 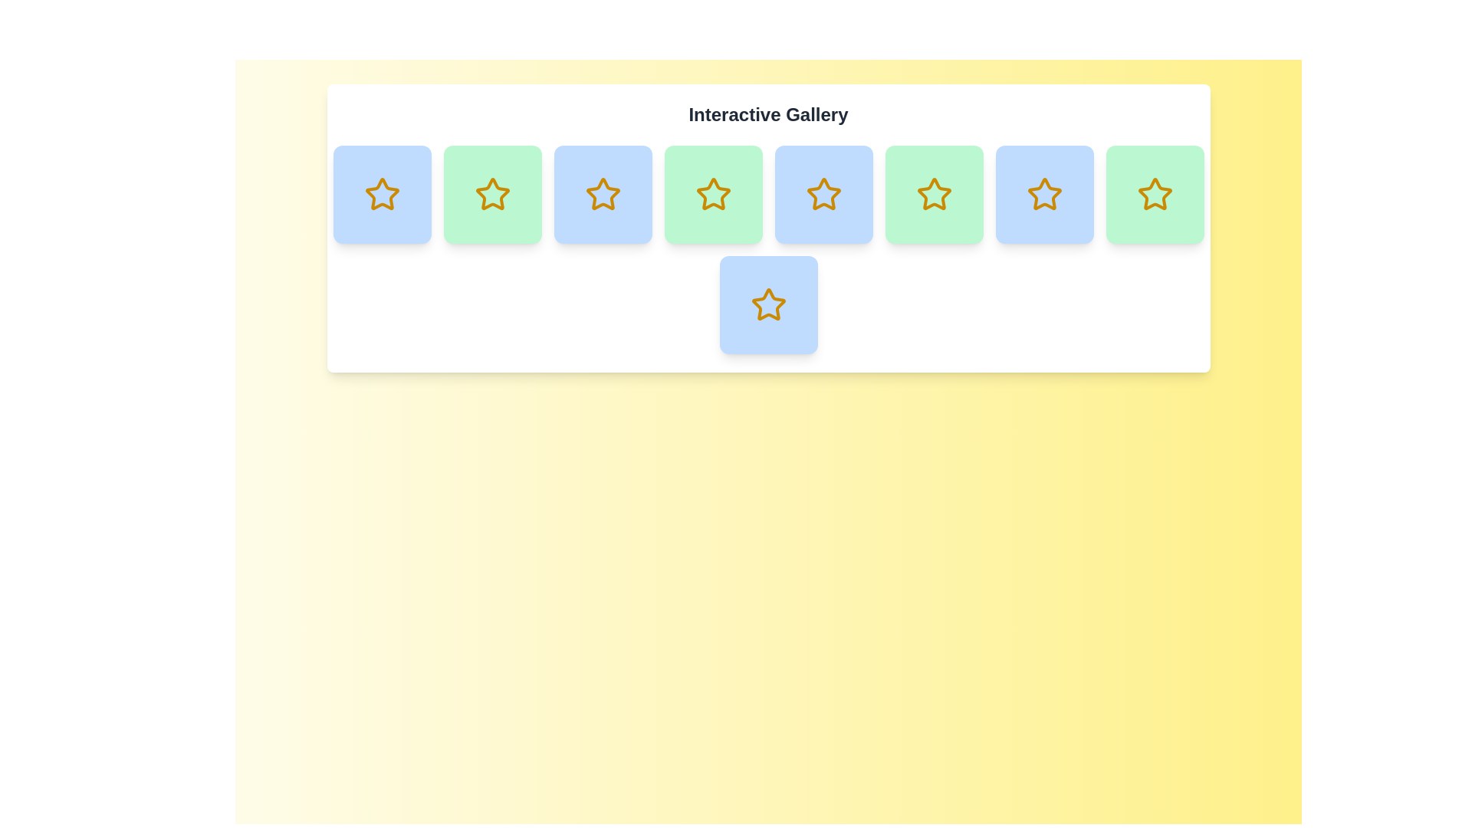 What do you see at coordinates (1043, 193) in the screenshot?
I see `the sixth star icon in the gallery` at bounding box center [1043, 193].